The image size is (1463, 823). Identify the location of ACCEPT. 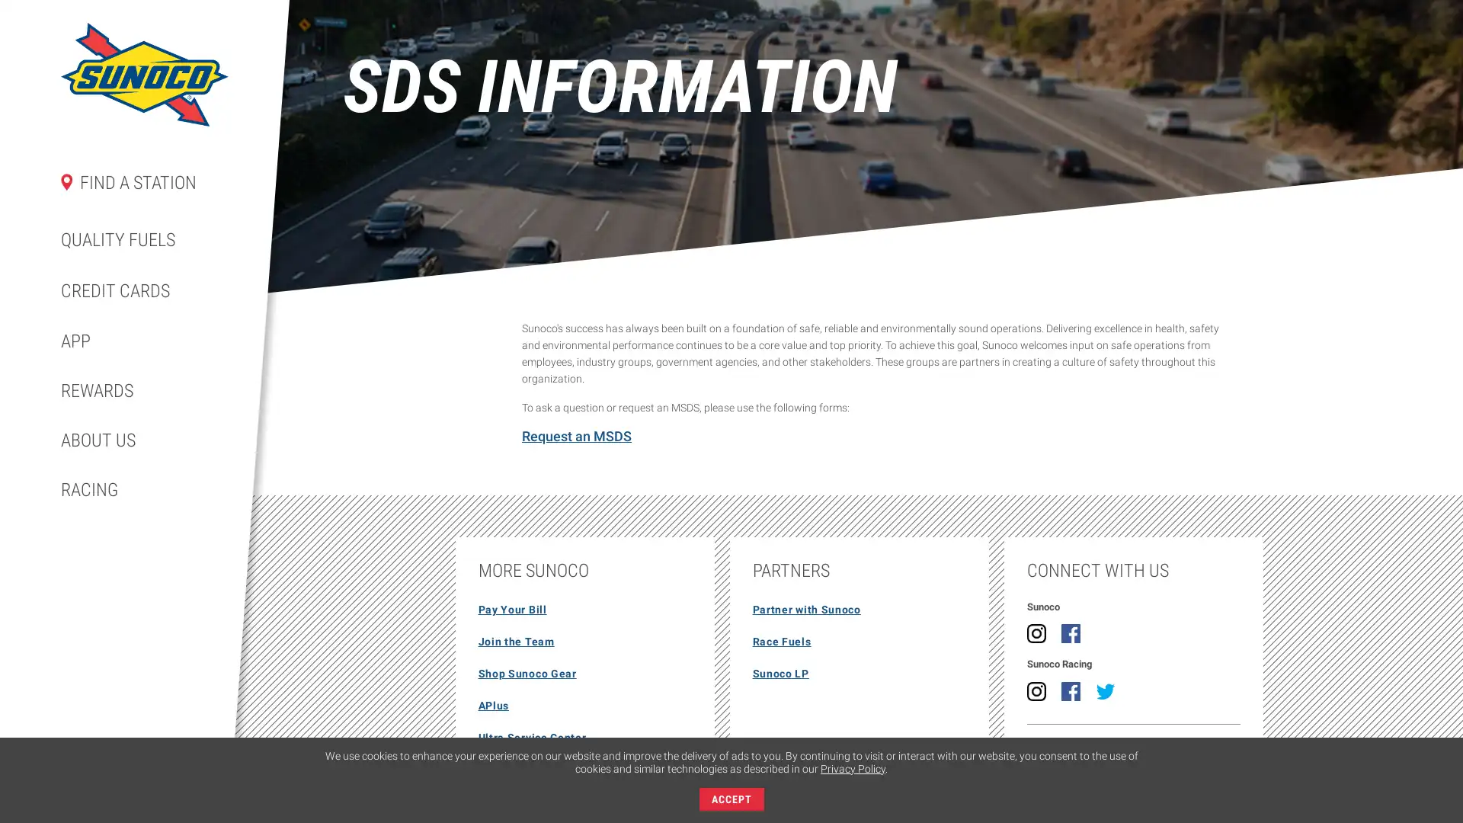
(730, 799).